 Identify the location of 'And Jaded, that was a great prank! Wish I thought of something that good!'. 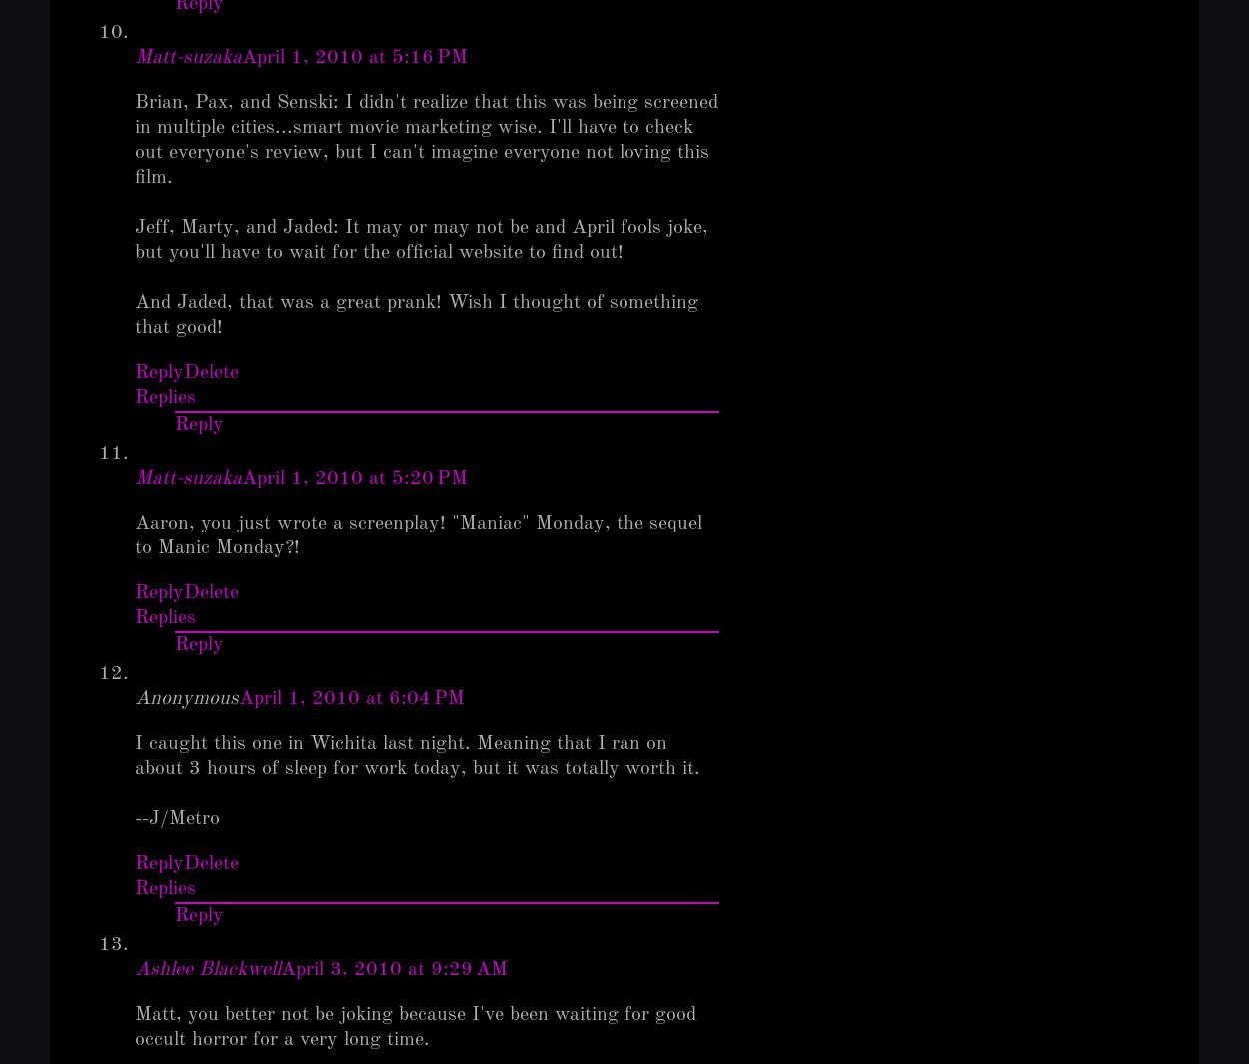
(135, 314).